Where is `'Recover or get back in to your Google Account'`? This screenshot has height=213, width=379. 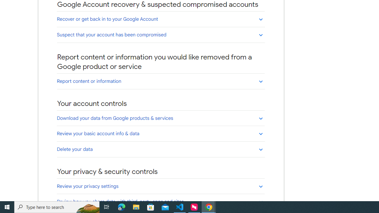
'Recover or get back in to your Google Account' is located at coordinates (160, 19).